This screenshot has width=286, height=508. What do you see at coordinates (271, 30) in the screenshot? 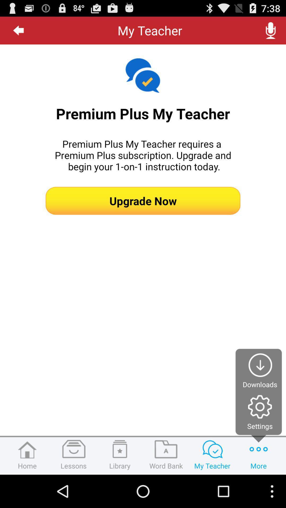
I see `the app to the right of the my teacher icon` at bounding box center [271, 30].